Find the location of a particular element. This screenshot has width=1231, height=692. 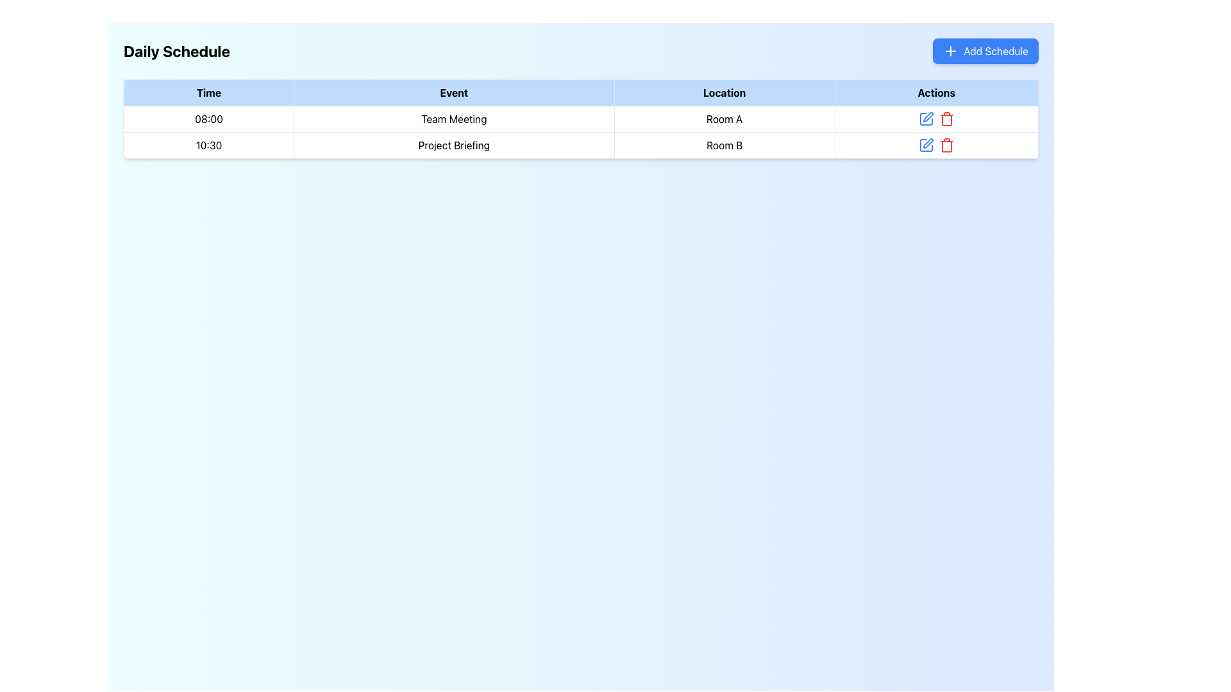

the first cell in the 'Time' column of the table that represents the start time of a scheduled event is located at coordinates (209, 119).